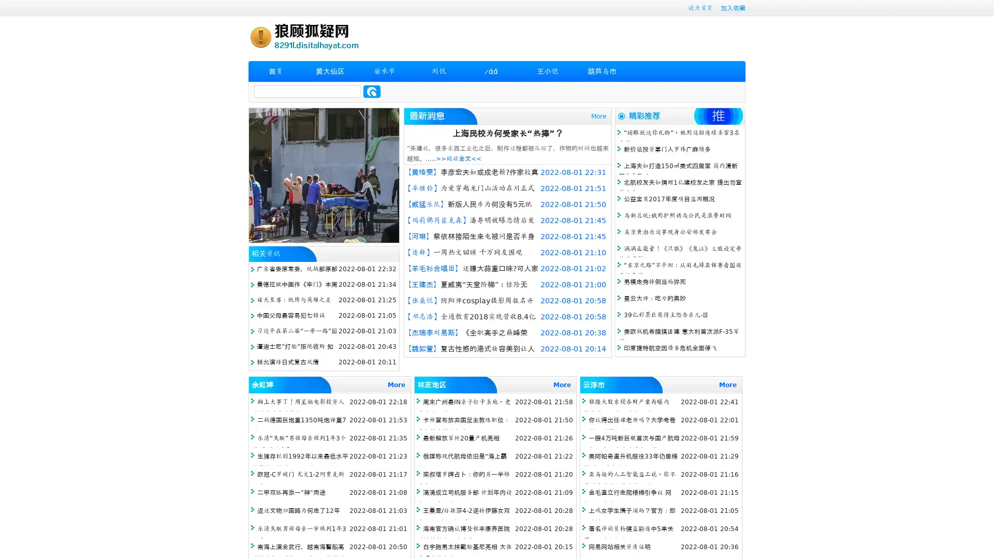  Describe the element at coordinates (372, 91) in the screenshot. I see `Search` at that location.